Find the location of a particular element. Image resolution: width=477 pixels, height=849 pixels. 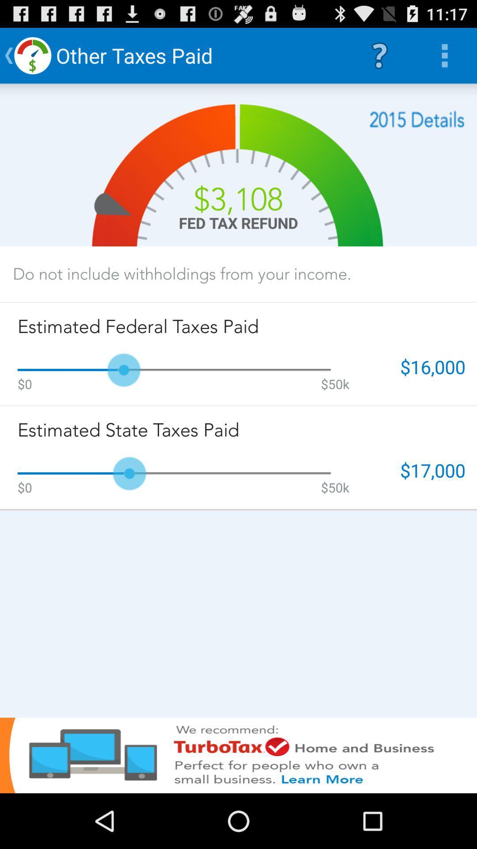

total data is located at coordinates (417, 119).